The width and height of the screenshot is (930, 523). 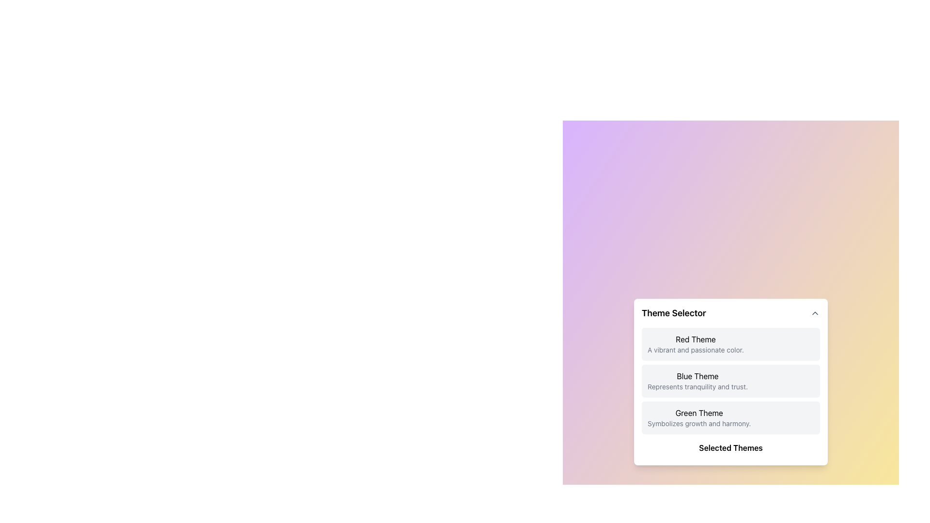 What do you see at coordinates (697, 386) in the screenshot?
I see `the Text Label that reads 'Represents tranquility and trust.' located below the 'Blue Theme' heading` at bounding box center [697, 386].